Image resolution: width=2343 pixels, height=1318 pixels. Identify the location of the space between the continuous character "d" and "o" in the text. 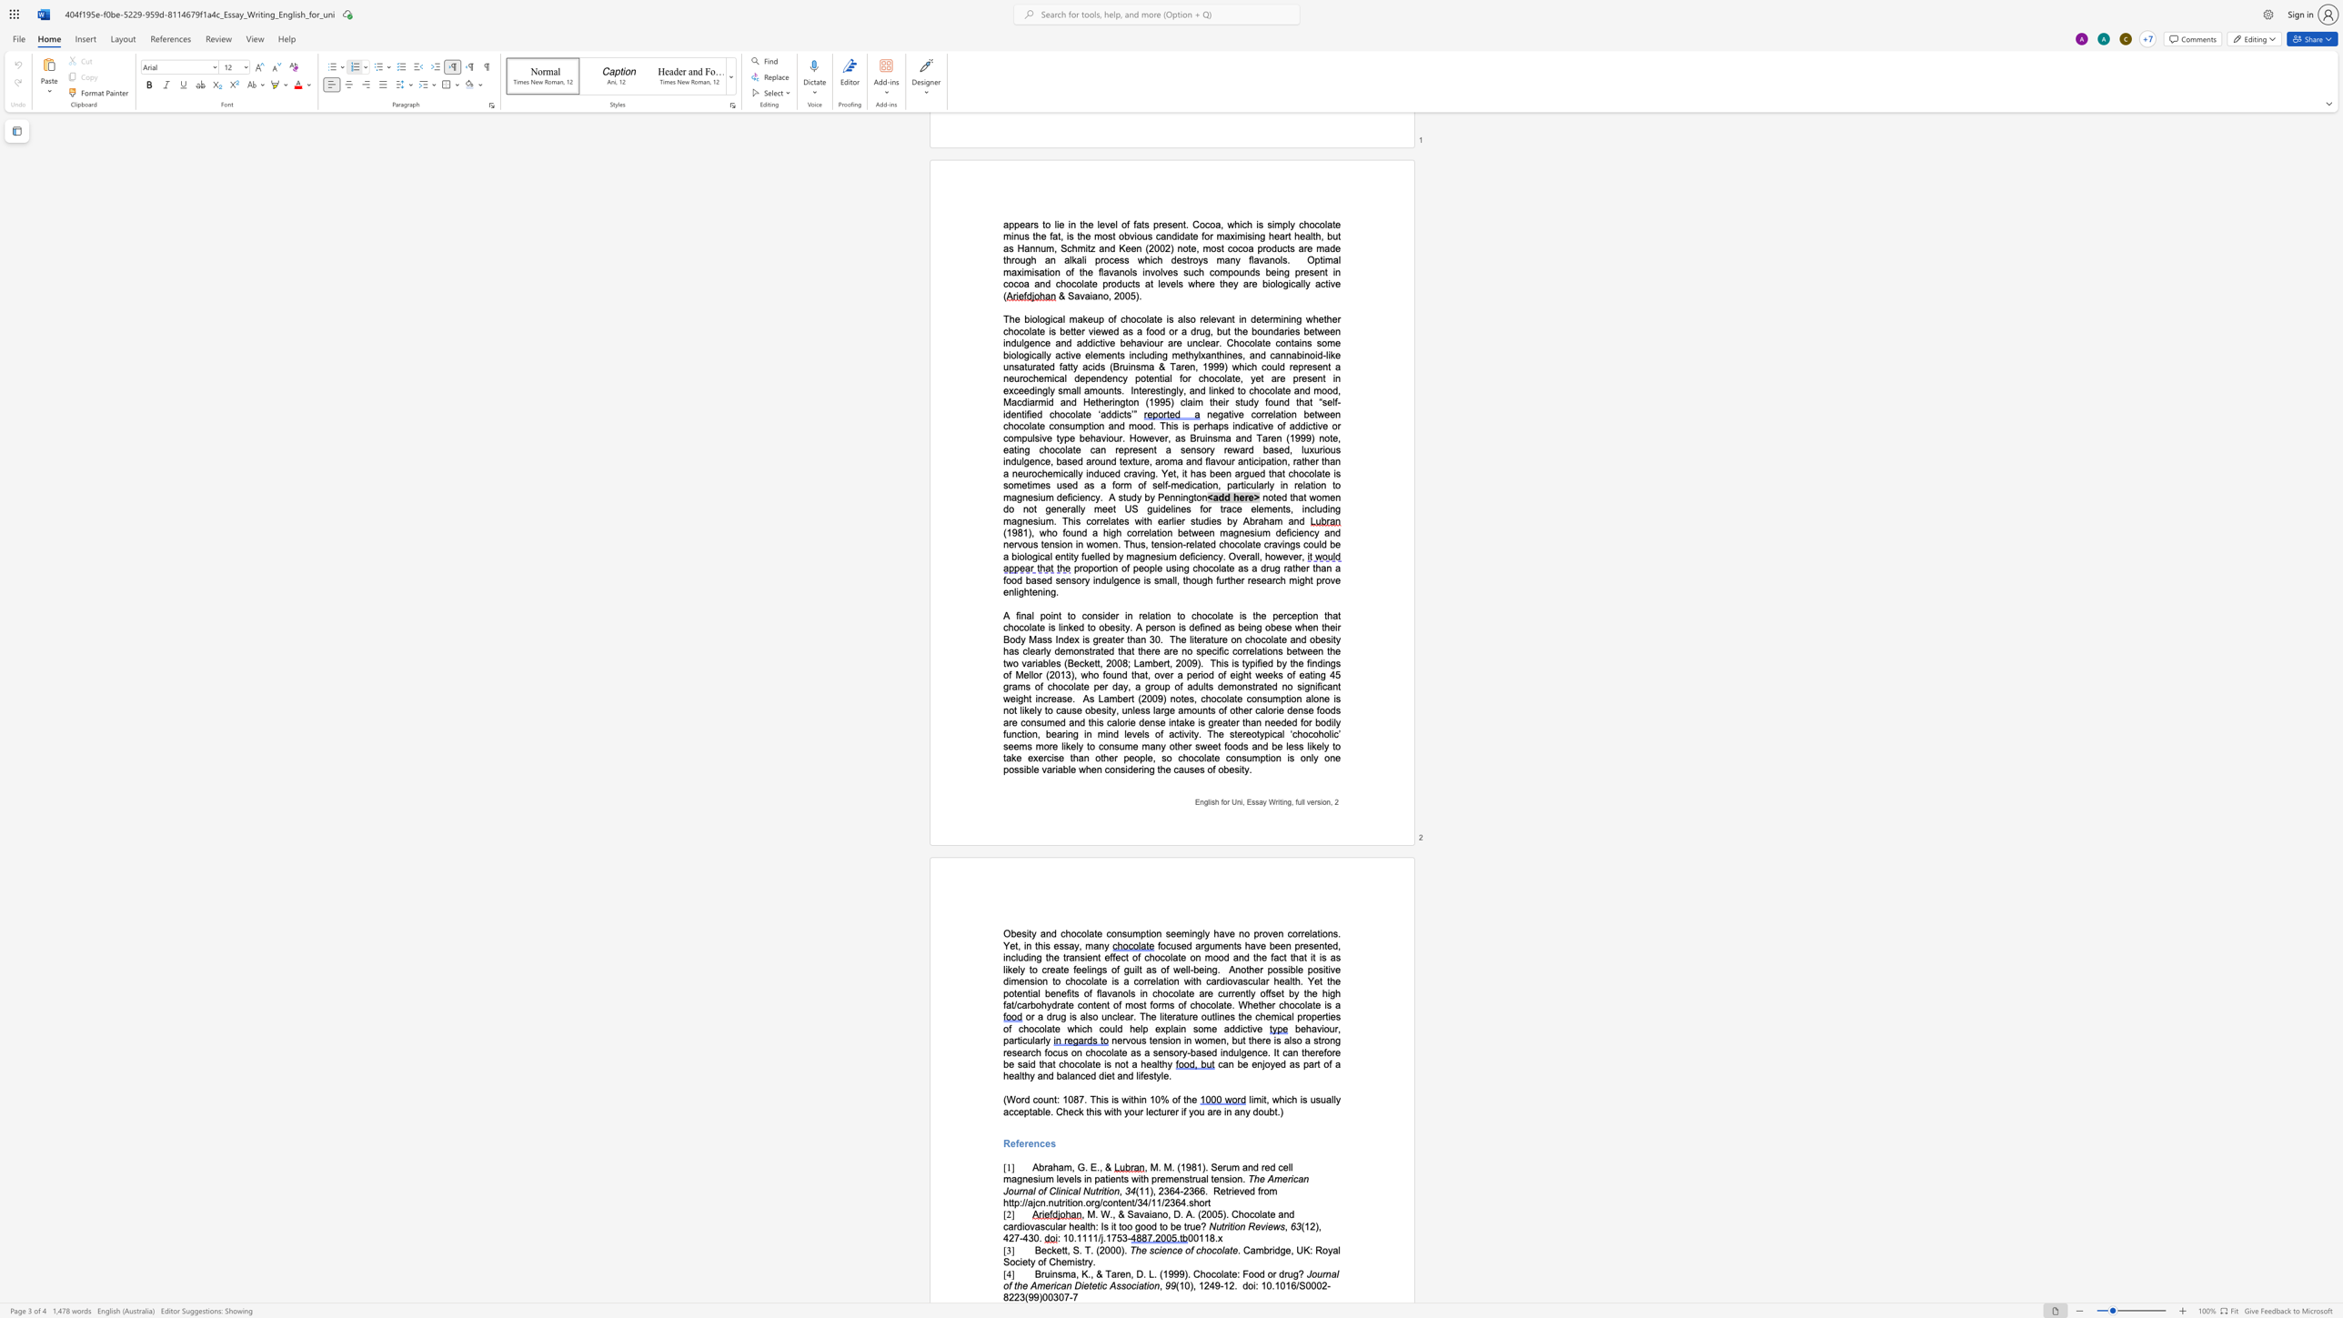
(1247, 1284).